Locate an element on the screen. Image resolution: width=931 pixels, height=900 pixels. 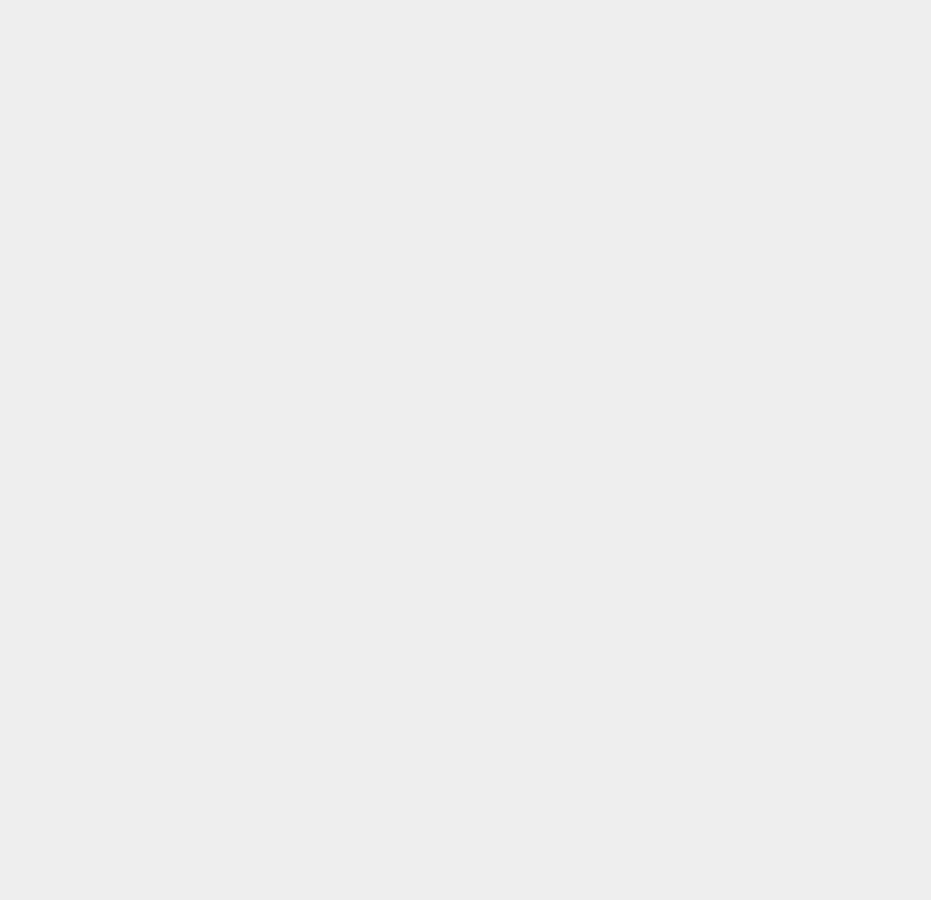
'Xbox One' is located at coordinates (683, 794).